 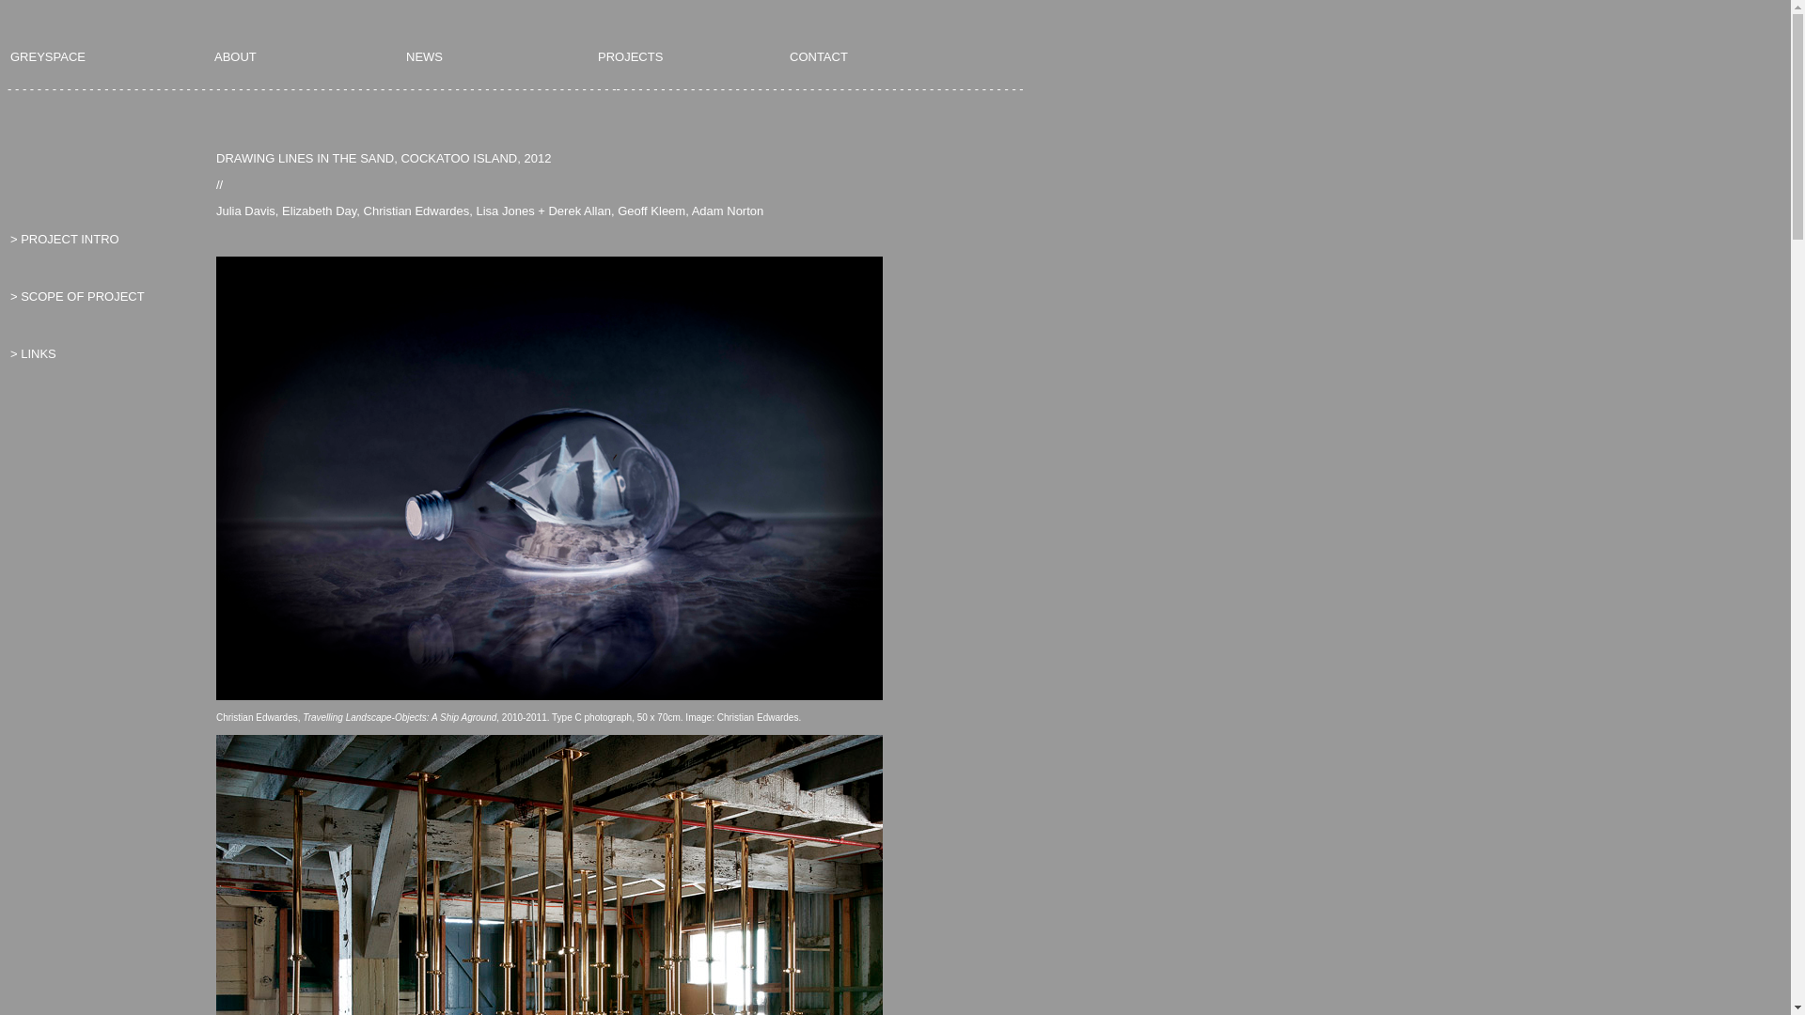 I want to click on '> PROJECT INTRO', so click(x=64, y=238).